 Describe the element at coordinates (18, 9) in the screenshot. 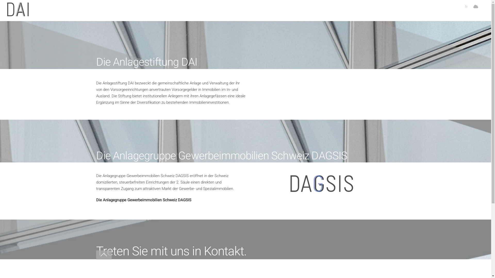

I see `'Anlagestiftungdai'` at that location.